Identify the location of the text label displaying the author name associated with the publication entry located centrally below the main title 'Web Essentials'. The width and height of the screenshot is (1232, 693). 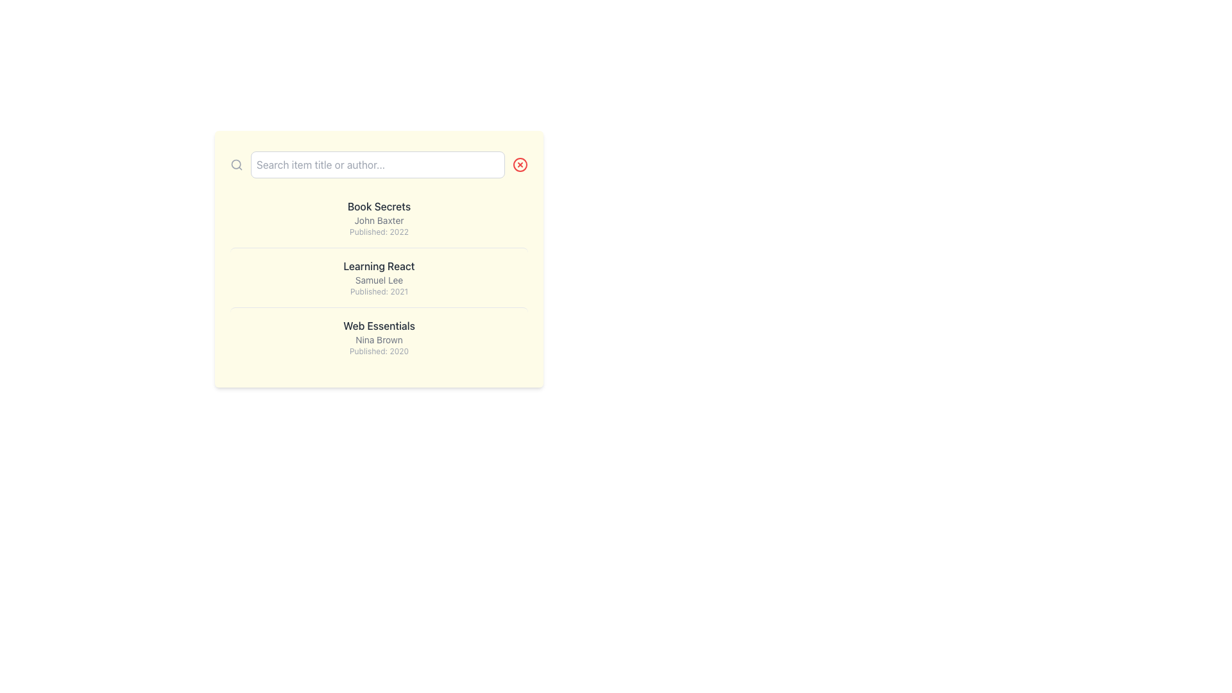
(378, 339).